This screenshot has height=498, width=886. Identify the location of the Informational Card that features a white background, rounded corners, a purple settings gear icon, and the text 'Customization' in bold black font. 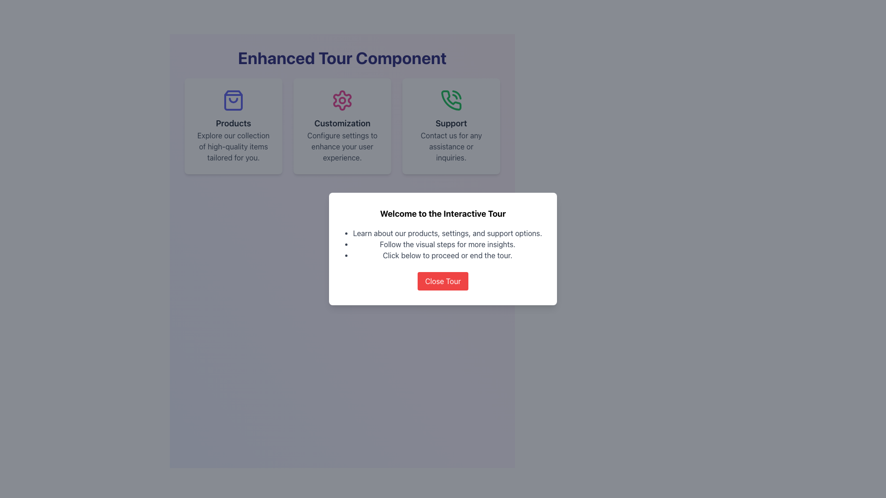
(342, 126).